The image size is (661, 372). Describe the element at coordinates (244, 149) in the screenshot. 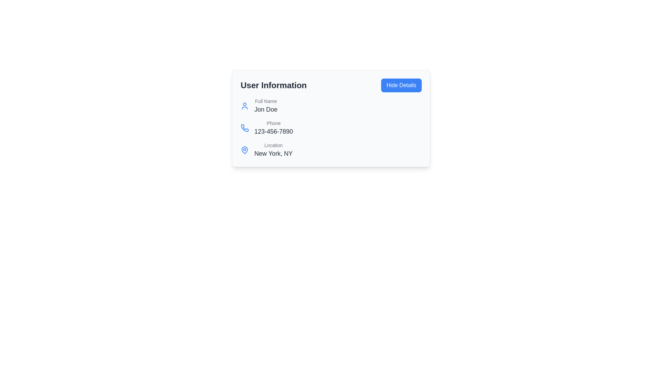

I see `the blue map pin icon located beside the 'Location' label under the 'User Information' section, which represents the user's location` at that location.